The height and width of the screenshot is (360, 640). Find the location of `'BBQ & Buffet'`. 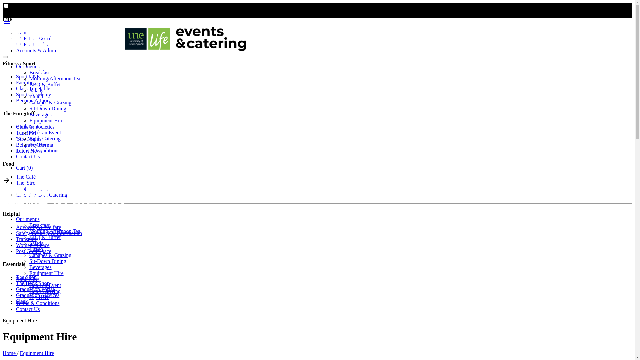

'BBQ & Buffet' is located at coordinates (44, 237).